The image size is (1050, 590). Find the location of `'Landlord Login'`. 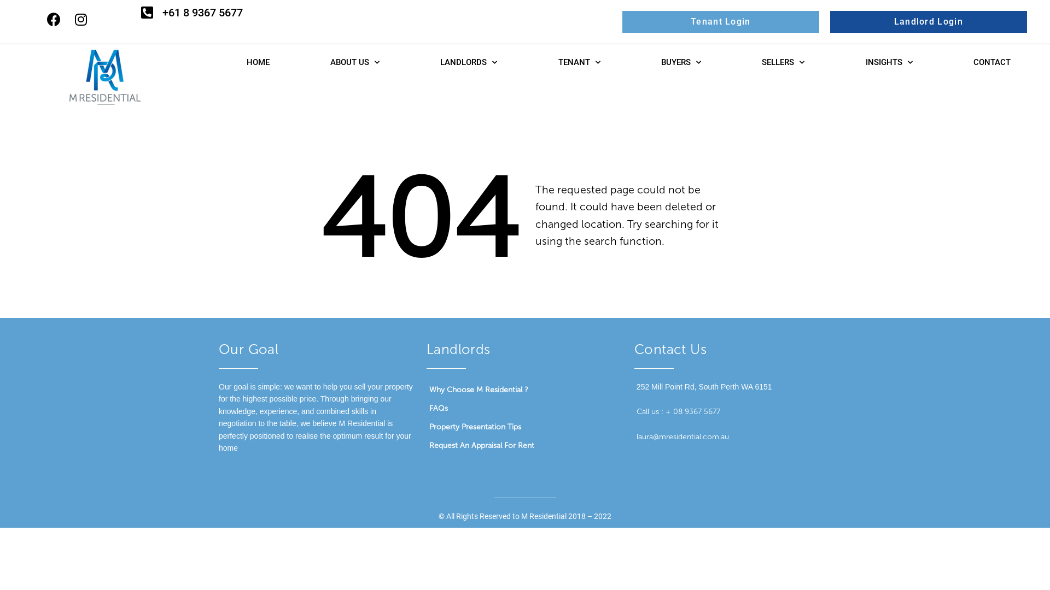

'Landlord Login' is located at coordinates (928, 21).